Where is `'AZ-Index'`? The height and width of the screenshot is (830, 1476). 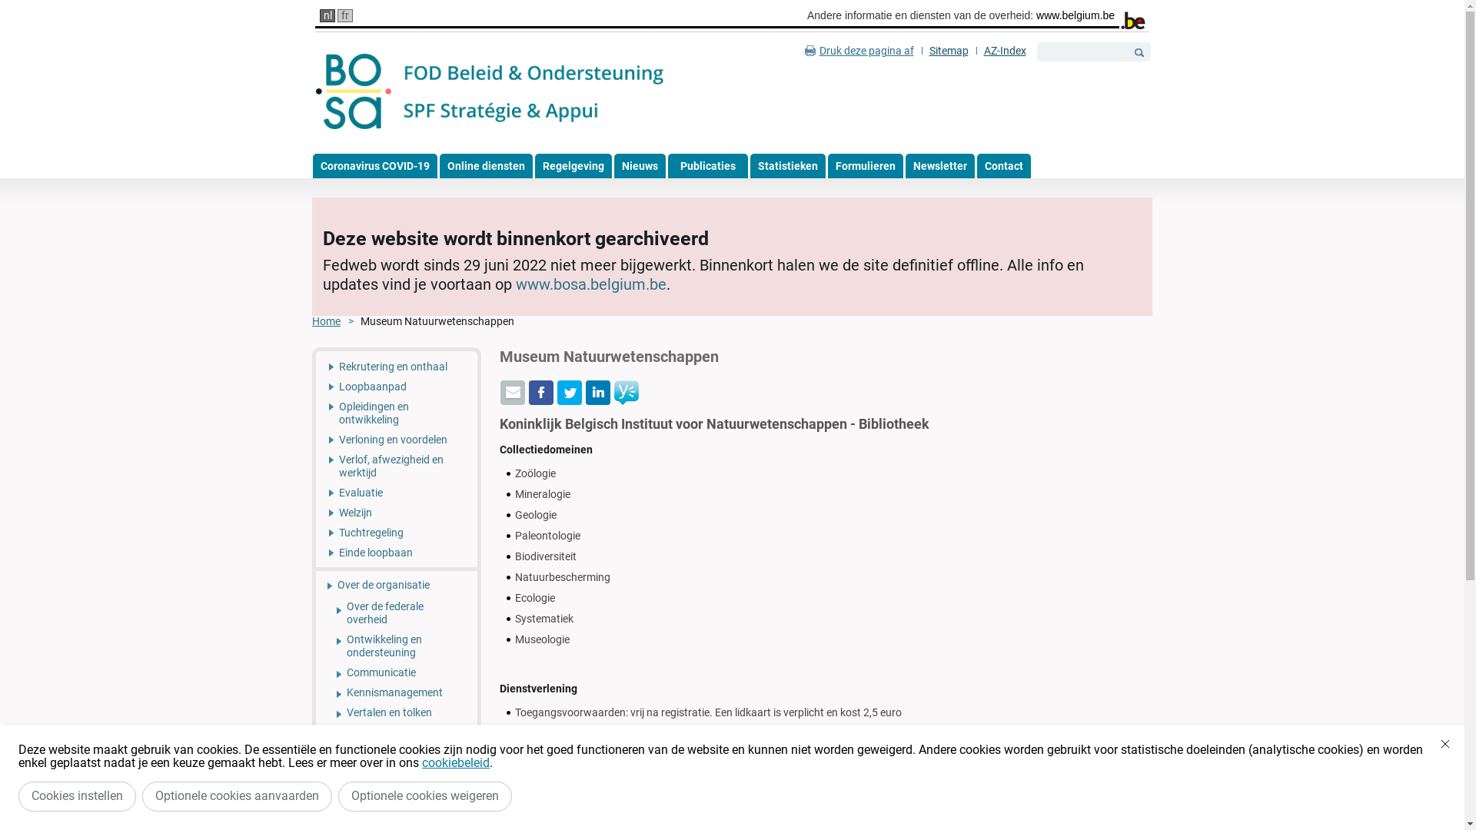
'AZ-Index' is located at coordinates (1005, 49).